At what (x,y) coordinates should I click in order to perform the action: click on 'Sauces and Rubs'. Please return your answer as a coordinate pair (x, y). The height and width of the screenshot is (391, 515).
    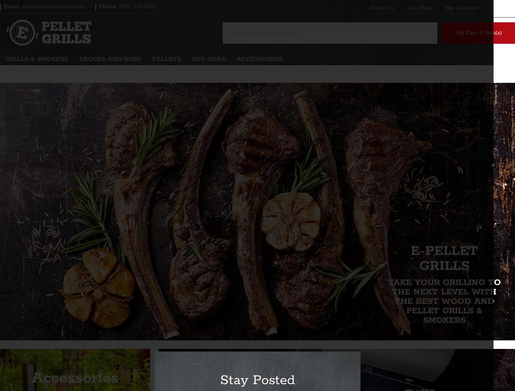
    Looking at the image, I should click on (110, 59).